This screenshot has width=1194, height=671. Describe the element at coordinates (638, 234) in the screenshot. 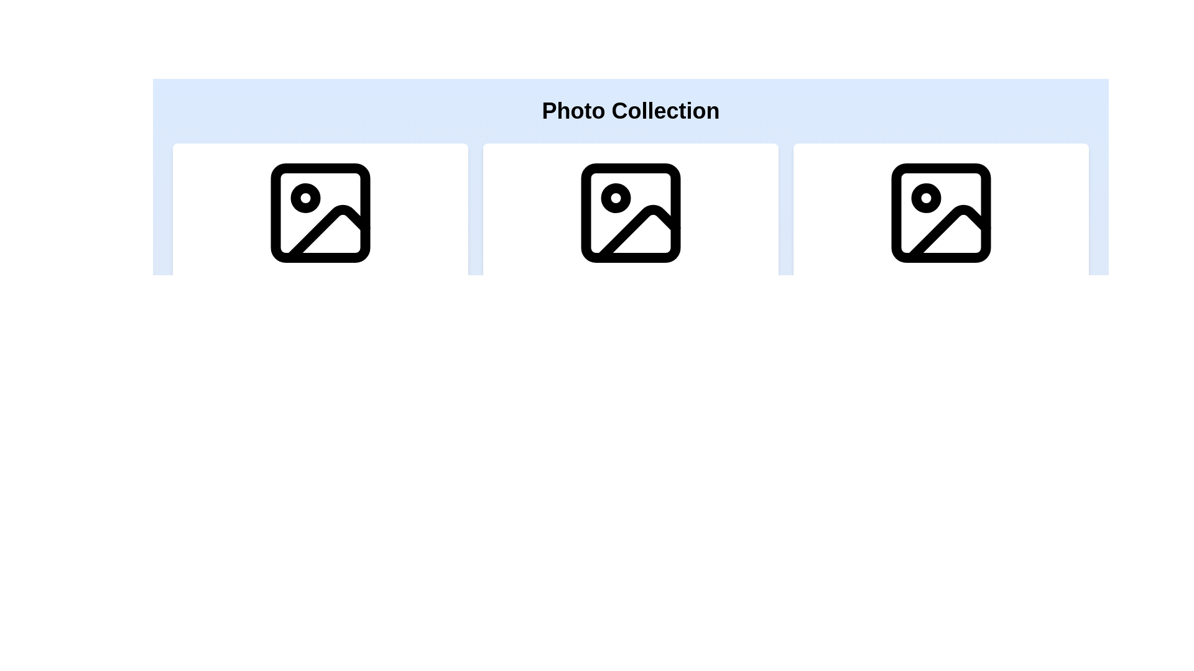

I see `the decorative vector graphic element located at the bottom-right part of the icon's inner design` at that location.